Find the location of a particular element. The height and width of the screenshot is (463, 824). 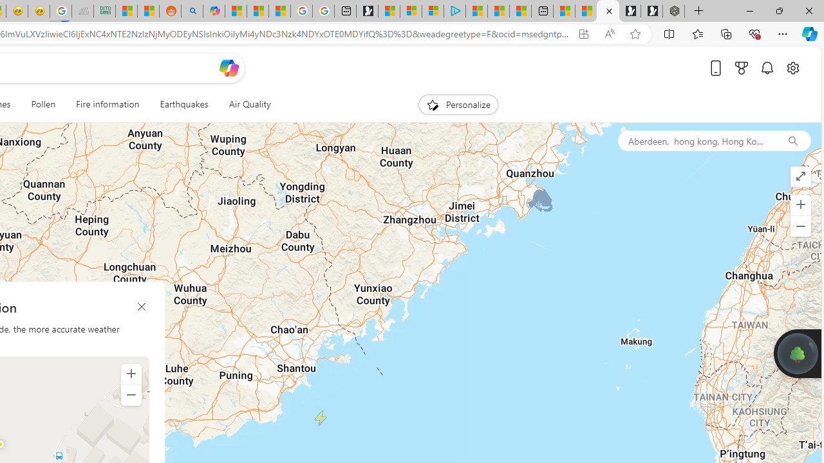

'Microsoft Start Gaming' is located at coordinates (366, 11).